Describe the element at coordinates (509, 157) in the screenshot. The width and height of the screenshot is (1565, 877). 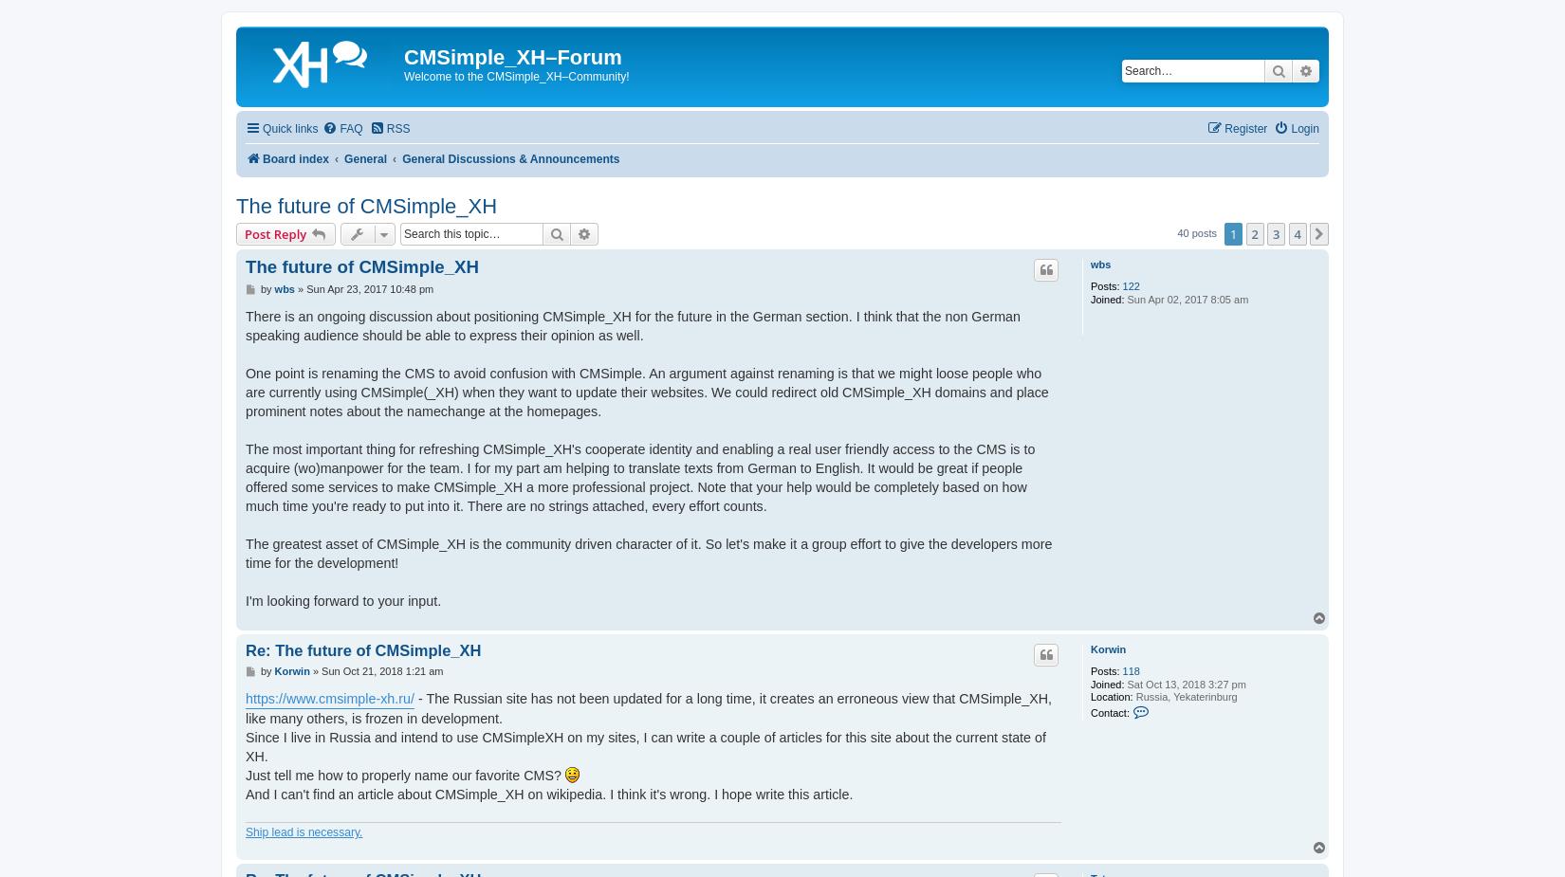
I see `'General Discussions & Announcements'` at that location.